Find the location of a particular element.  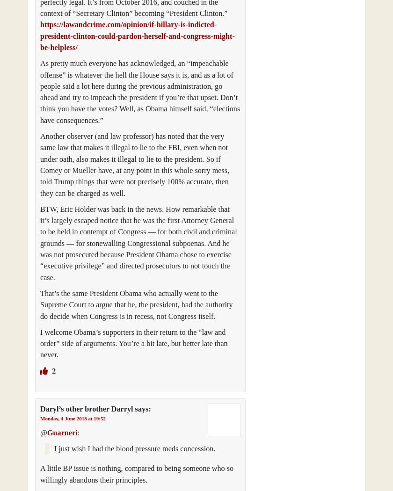

'says:' is located at coordinates (143, 408).